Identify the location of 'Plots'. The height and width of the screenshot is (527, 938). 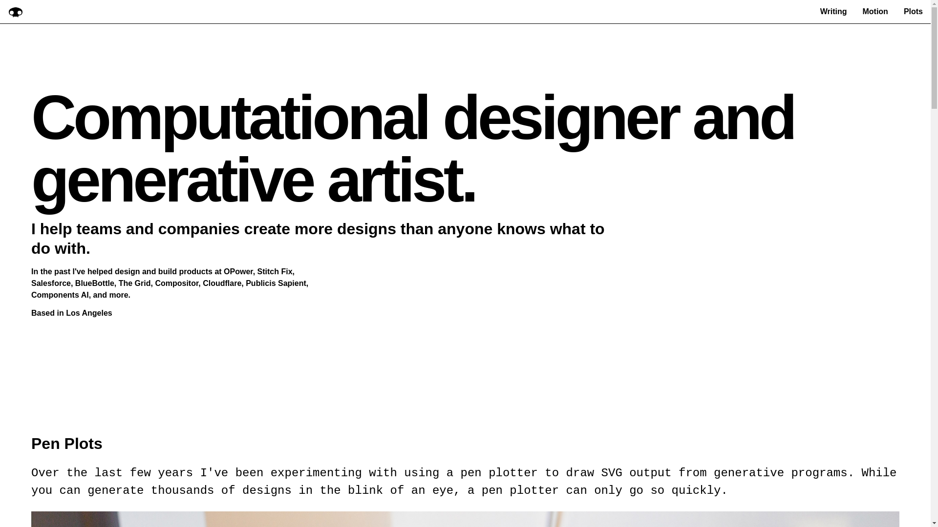
(913, 11).